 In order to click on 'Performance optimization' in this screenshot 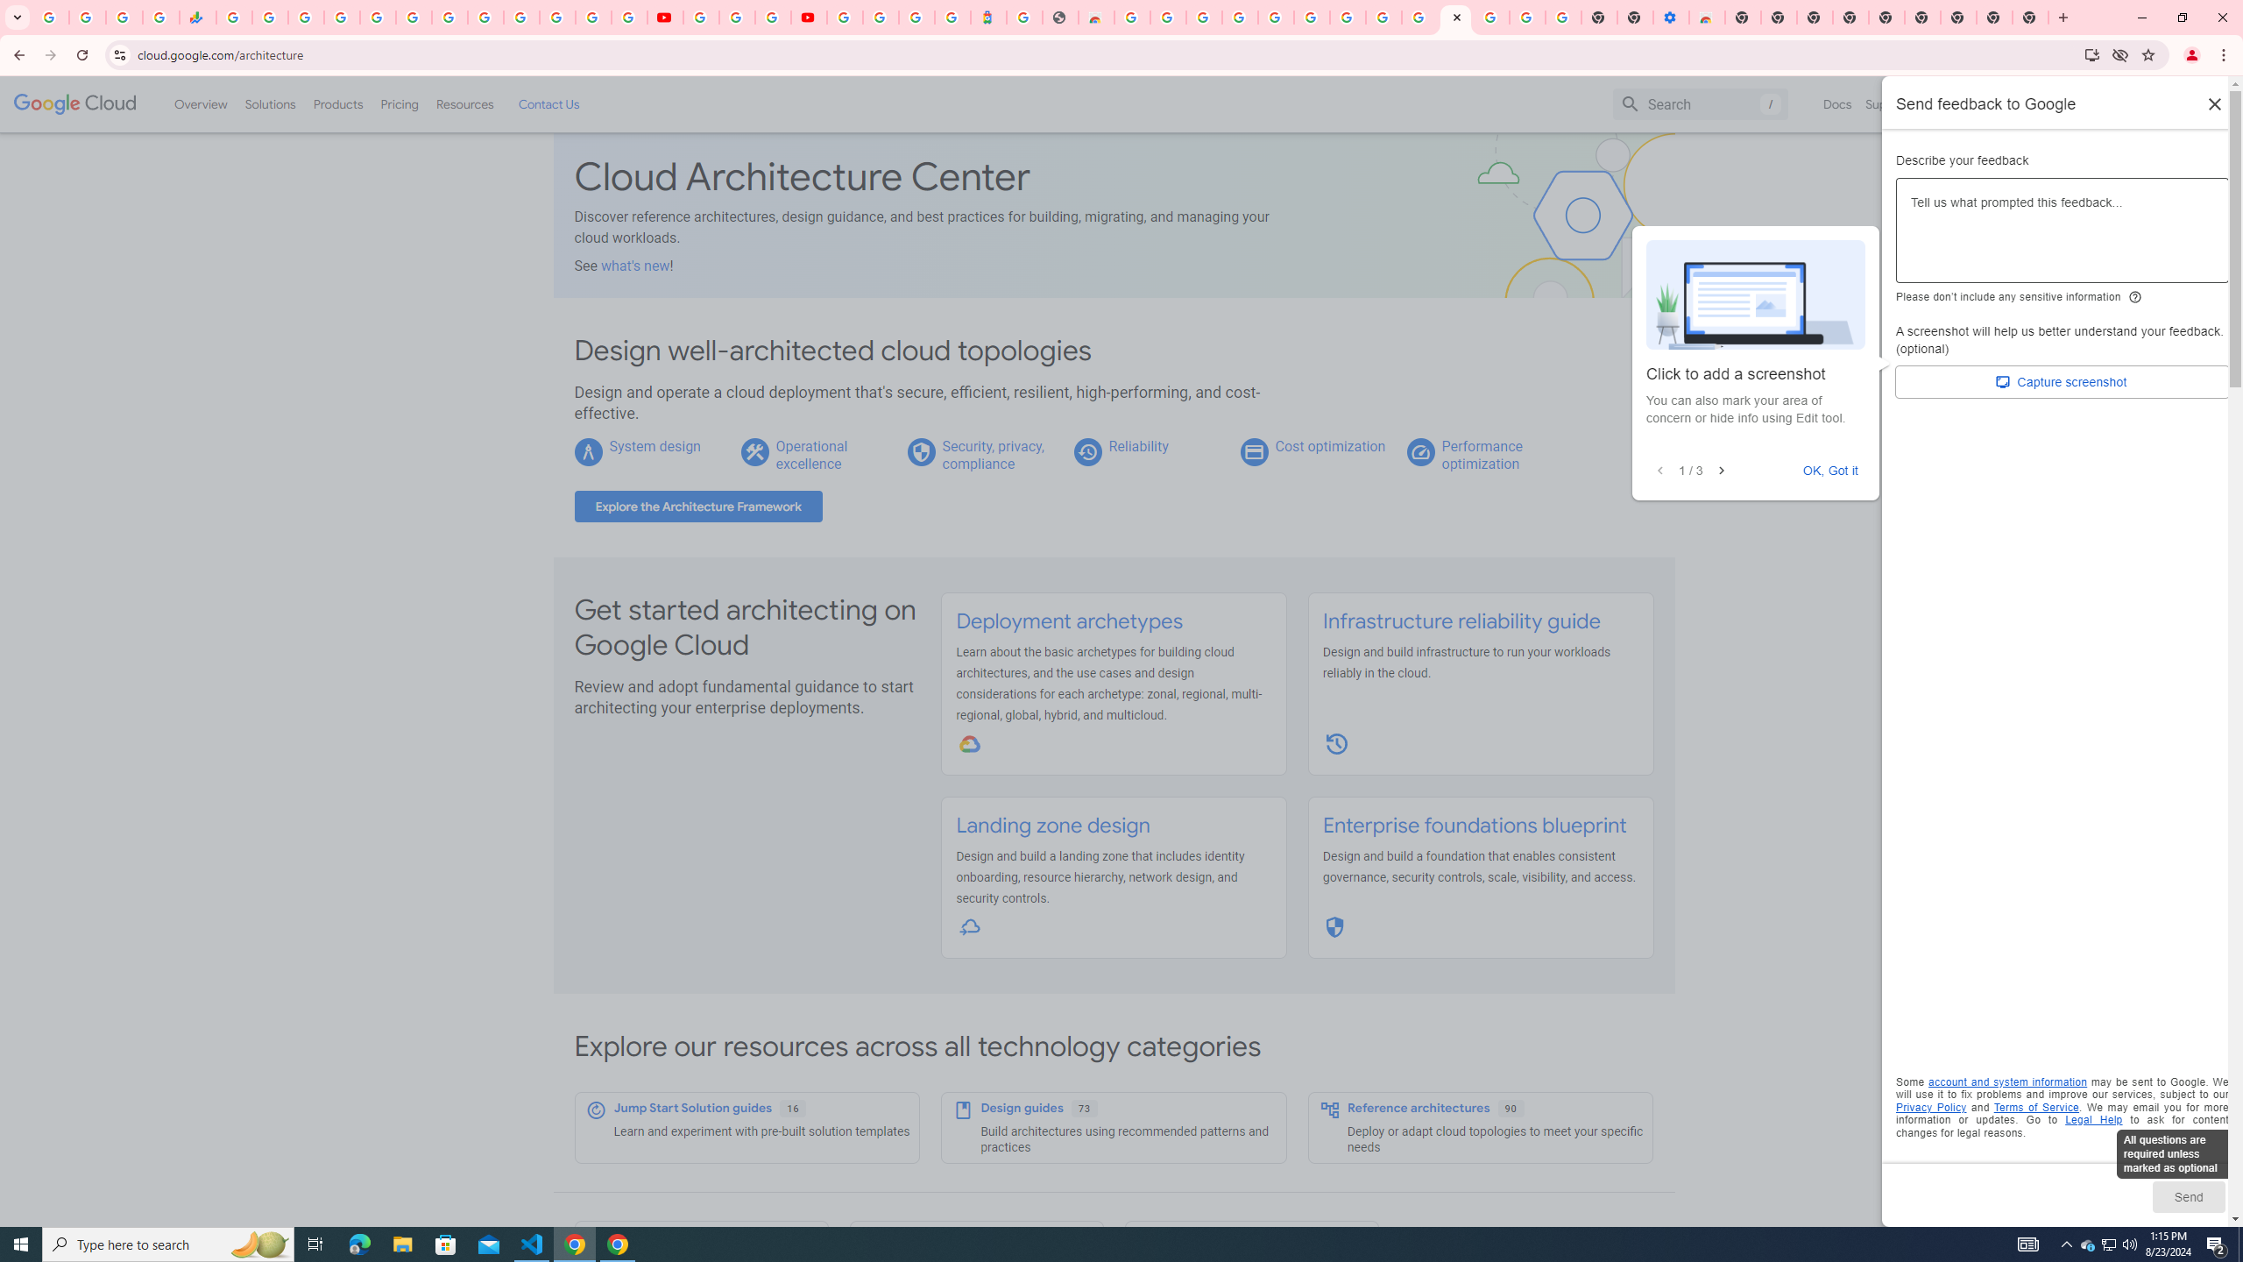, I will do `click(1482, 454)`.